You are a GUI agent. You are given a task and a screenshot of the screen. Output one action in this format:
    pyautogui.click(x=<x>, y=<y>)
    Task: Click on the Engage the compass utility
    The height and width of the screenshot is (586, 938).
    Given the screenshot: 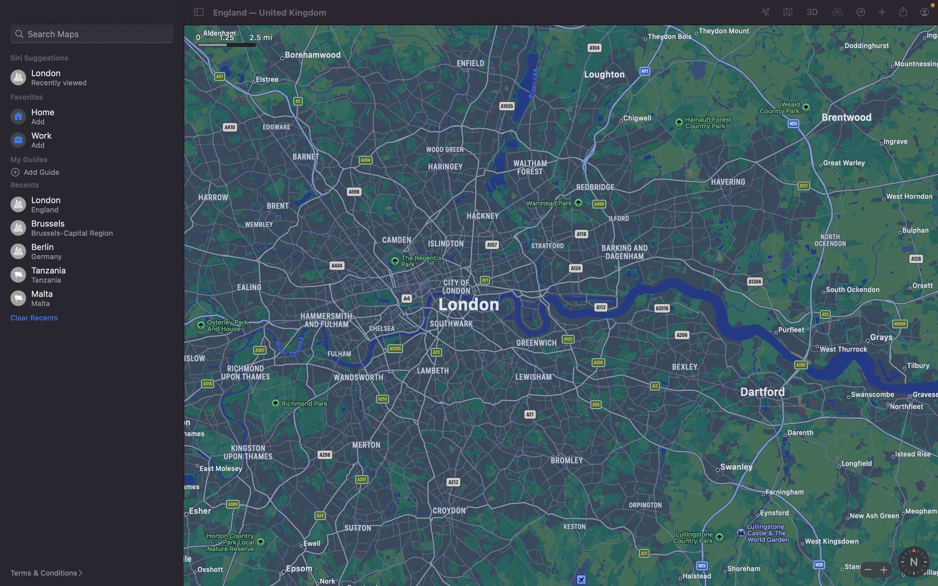 What is the action you would take?
    pyautogui.click(x=913, y=562)
    